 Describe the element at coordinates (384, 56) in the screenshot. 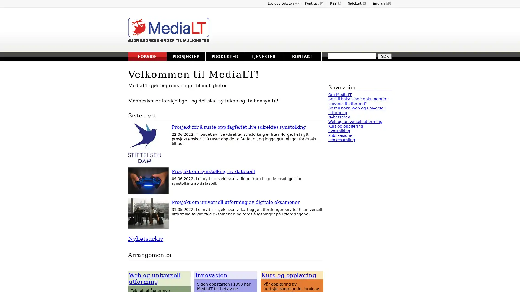

I see `SK` at that location.